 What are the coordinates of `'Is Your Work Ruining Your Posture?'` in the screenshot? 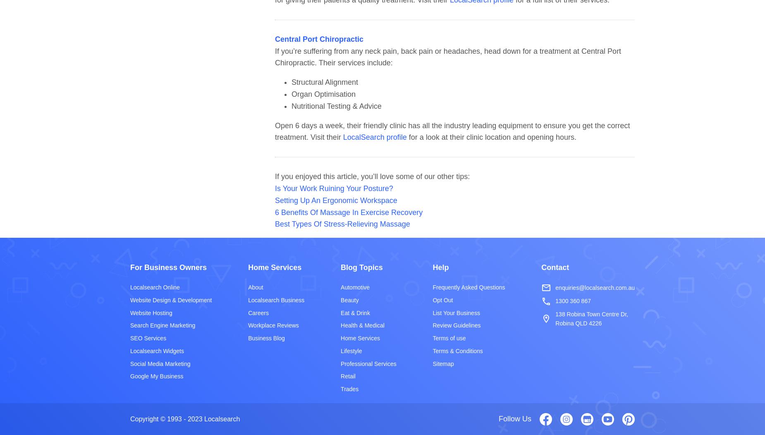 It's located at (333, 188).